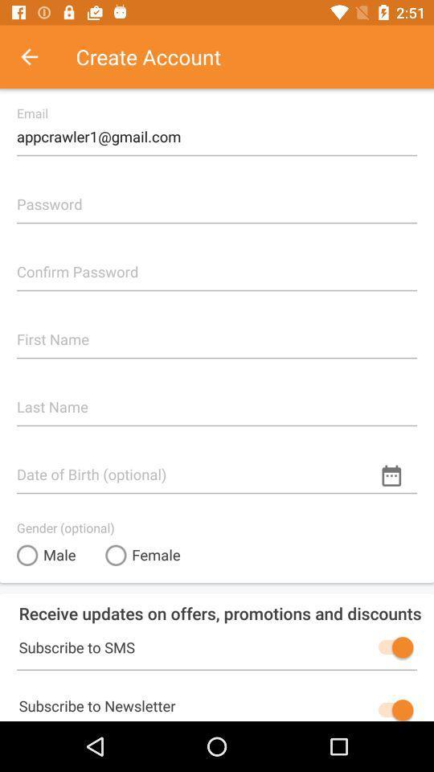  Describe the element at coordinates (217, 332) in the screenshot. I see `first name` at that location.